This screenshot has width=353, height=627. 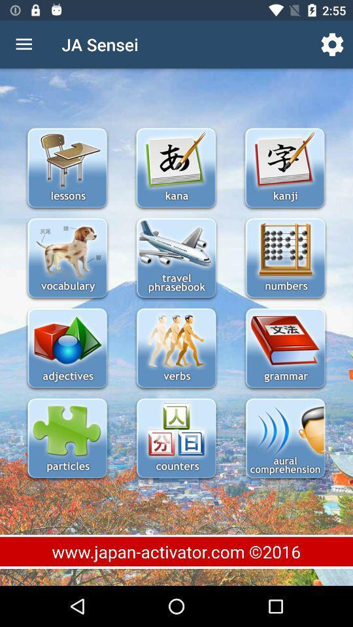 What do you see at coordinates (284, 440) in the screenshot?
I see `aural comprehension lesson` at bounding box center [284, 440].